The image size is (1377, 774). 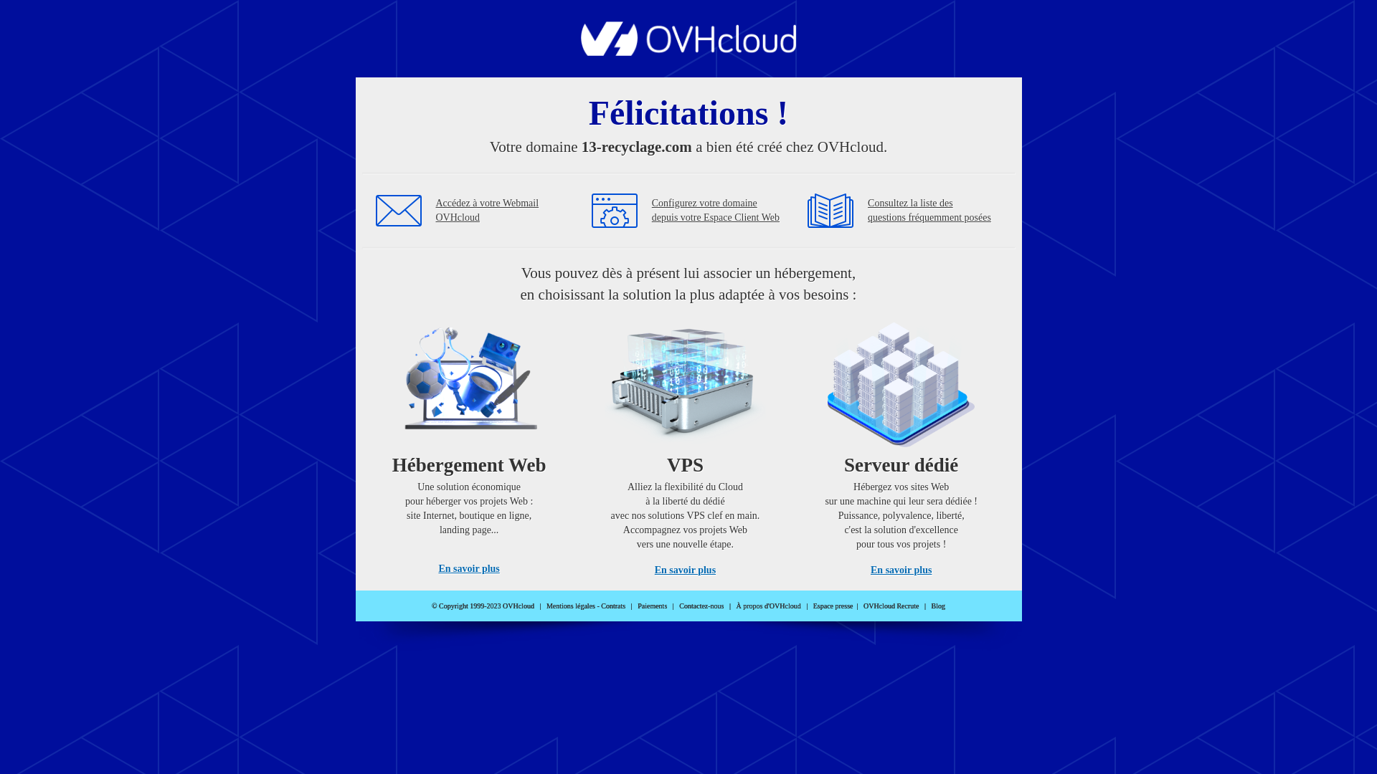 What do you see at coordinates (890, 606) in the screenshot?
I see `'OVHcloud Recrute'` at bounding box center [890, 606].